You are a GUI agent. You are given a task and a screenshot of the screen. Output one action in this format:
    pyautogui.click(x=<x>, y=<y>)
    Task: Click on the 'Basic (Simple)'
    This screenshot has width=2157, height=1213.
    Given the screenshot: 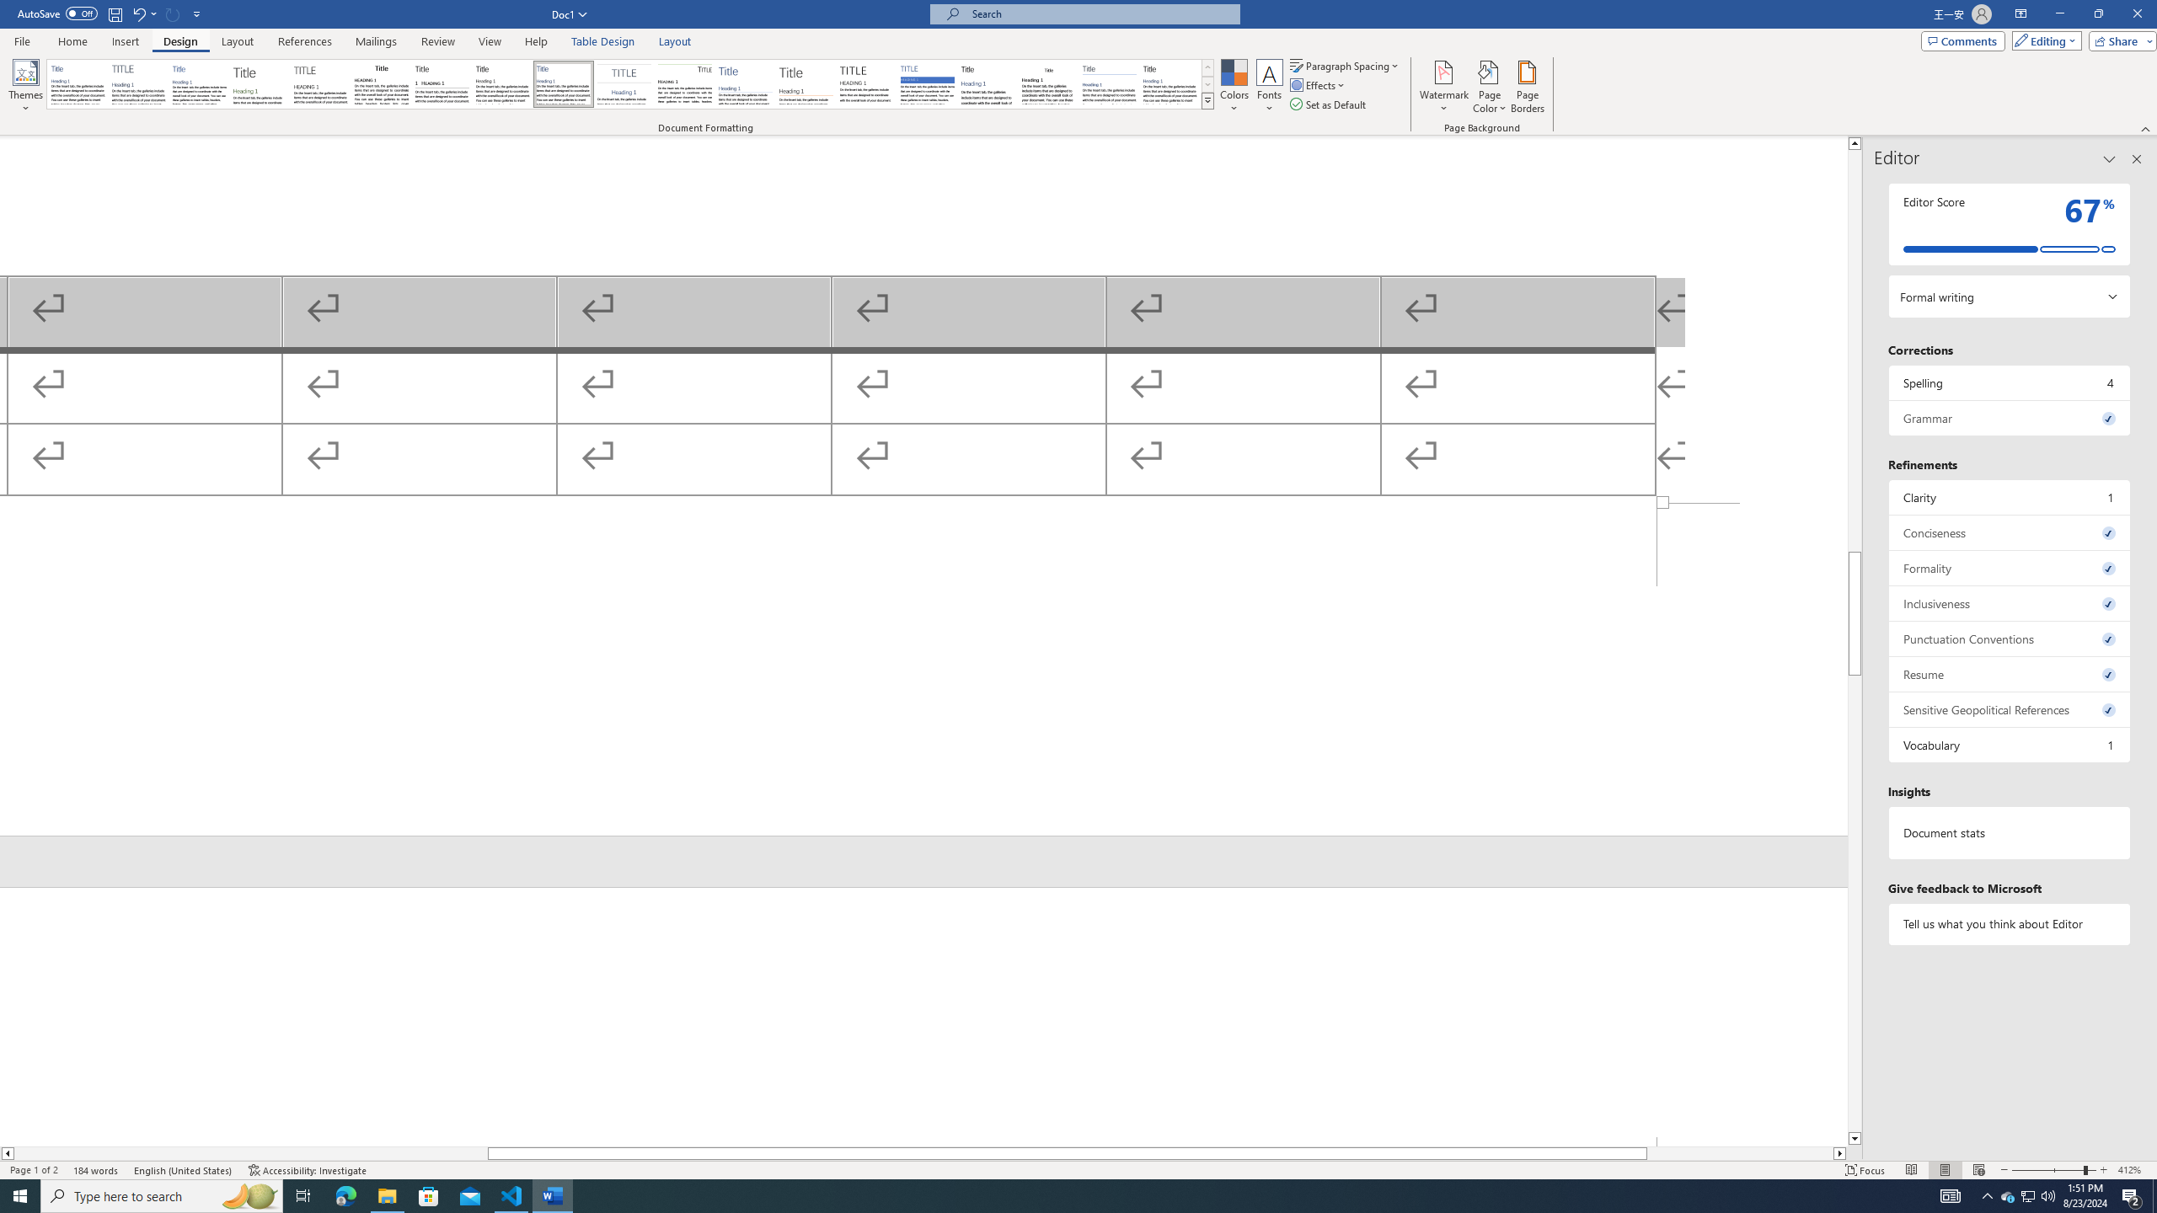 What is the action you would take?
    pyautogui.click(x=200, y=83)
    